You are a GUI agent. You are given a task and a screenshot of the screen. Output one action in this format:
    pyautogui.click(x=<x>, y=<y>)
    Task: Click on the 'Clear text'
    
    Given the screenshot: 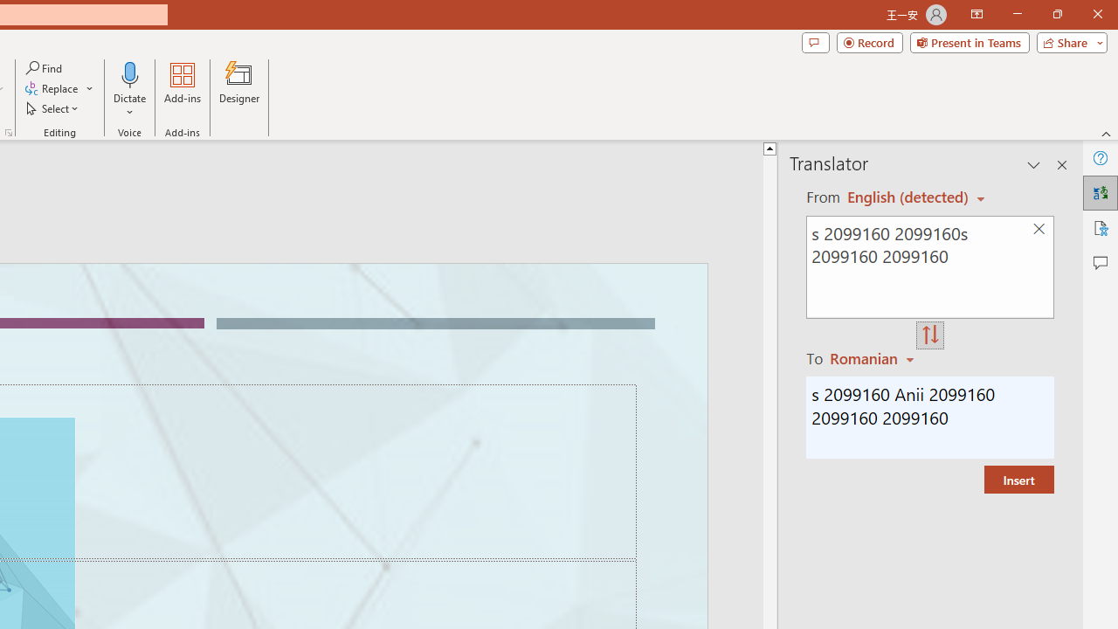 What is the action you would take?
    pyautogui.click(x=1039, y=229)
    